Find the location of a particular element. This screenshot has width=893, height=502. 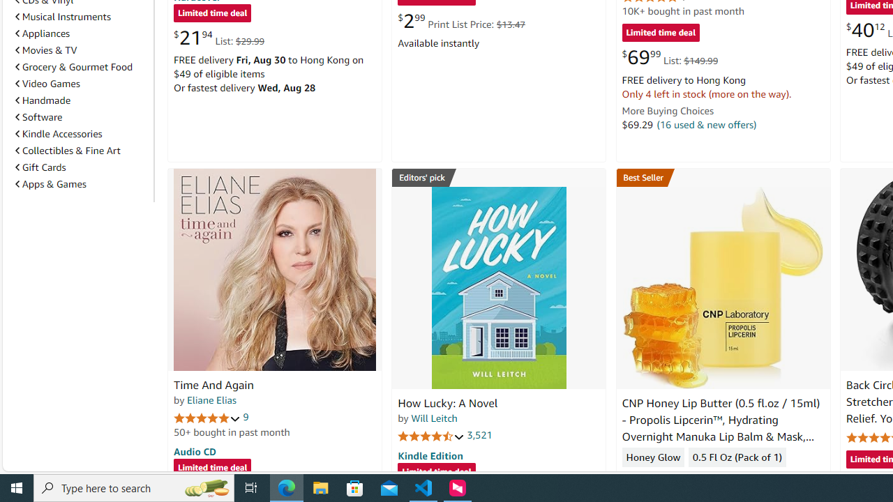

'Grocery & Gourmet Food' is located at coordinates (73, 67).